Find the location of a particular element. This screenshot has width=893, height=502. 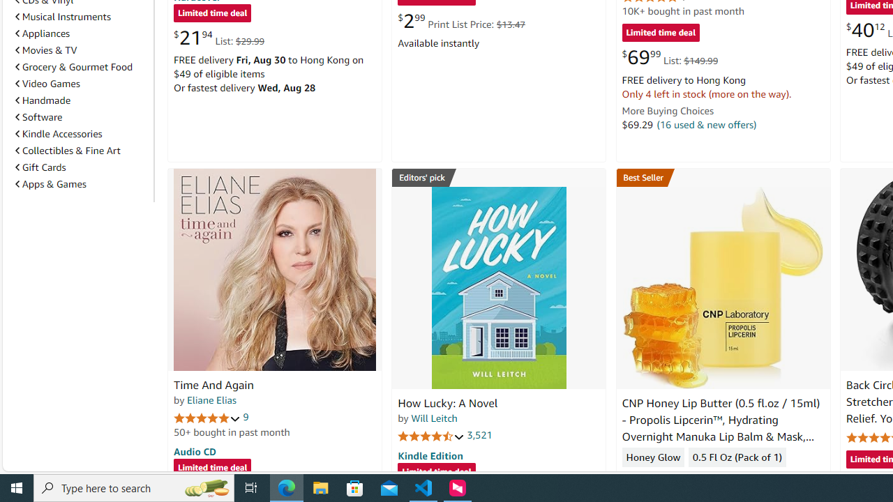

'Grocery & Gourmet Food' is located at coordinates (73, 67).